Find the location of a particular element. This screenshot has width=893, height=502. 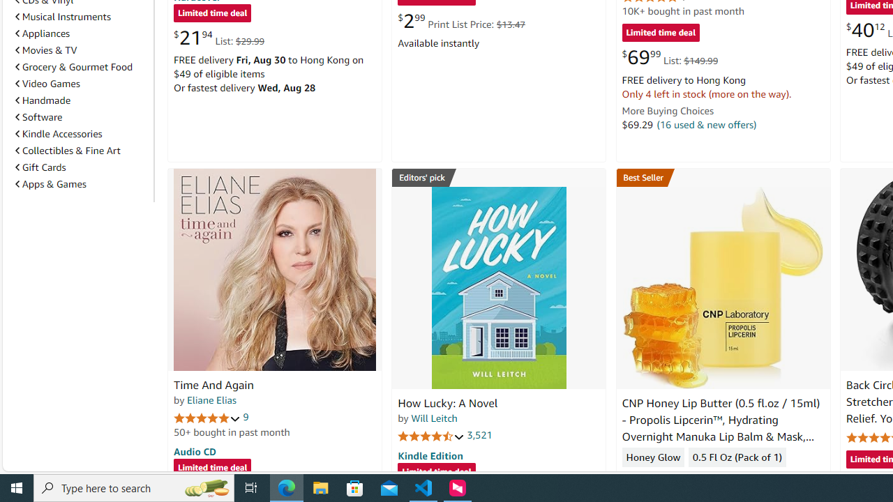

'Grocery & Gourmet Food' is located at coordinates (73, 67).